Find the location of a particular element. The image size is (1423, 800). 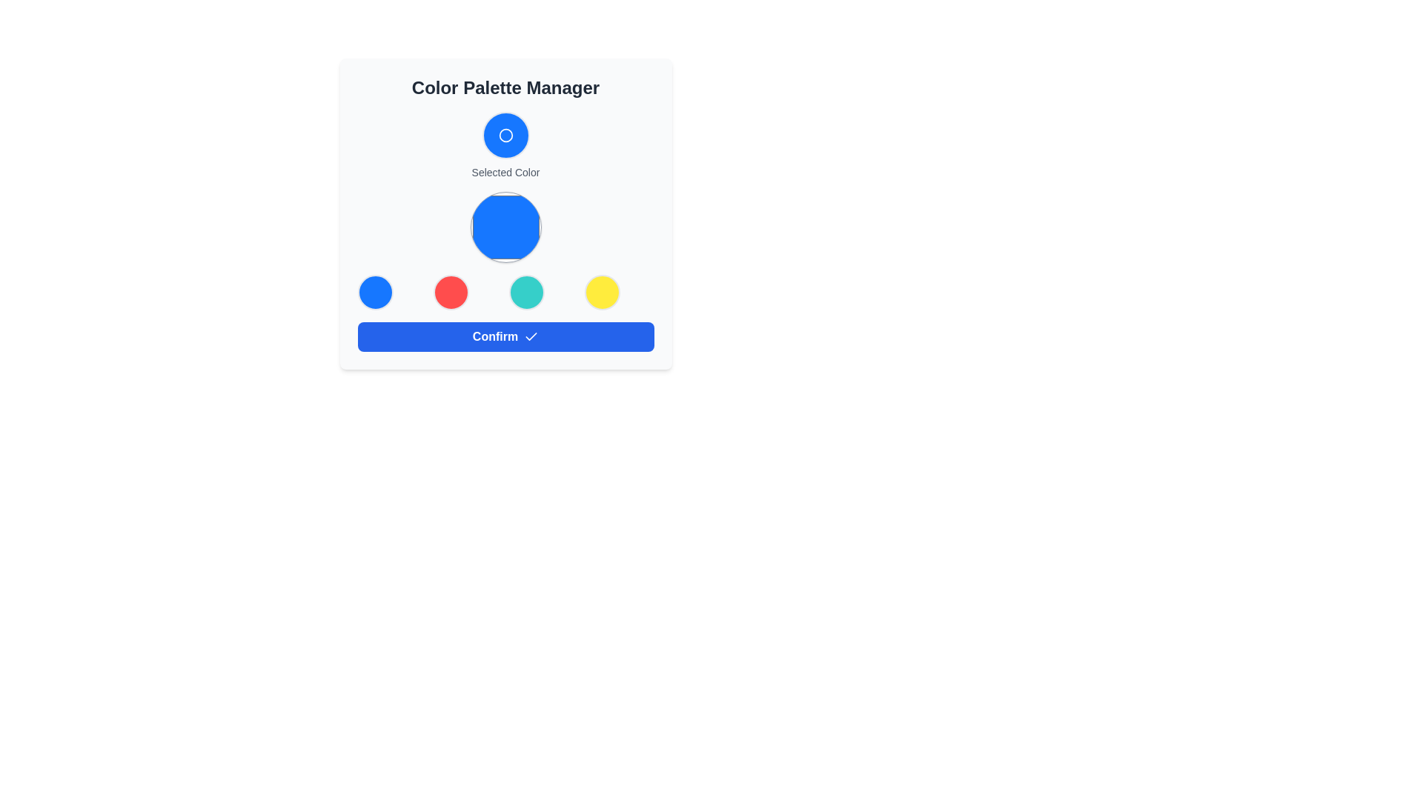

the static text label that specifies the current selection of color, located under a smaller circular icon and above a larger circular button is located at coordinates (505, 171).